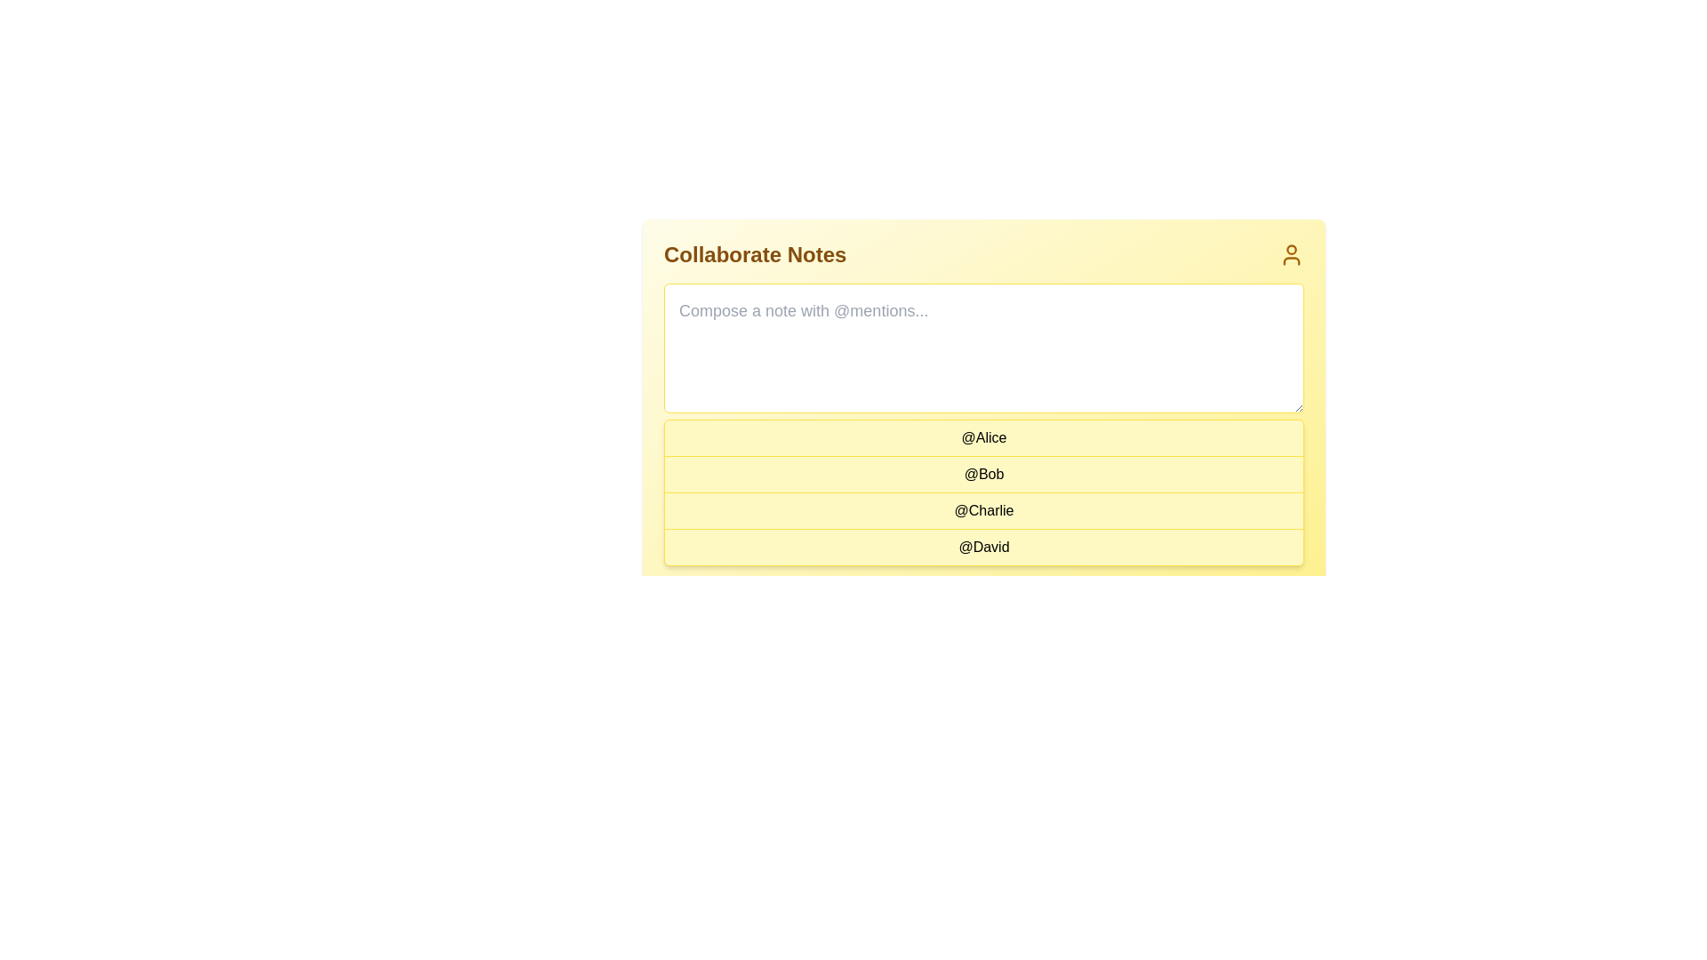 The width and height of the screenshot is (1707, 960). What do you see at coordinates (983, 428) in the screenshot?
I see `the first list item that contains the text '@Alice', which has a light yellow background and a hover animation` at bounding box center [983, 428].